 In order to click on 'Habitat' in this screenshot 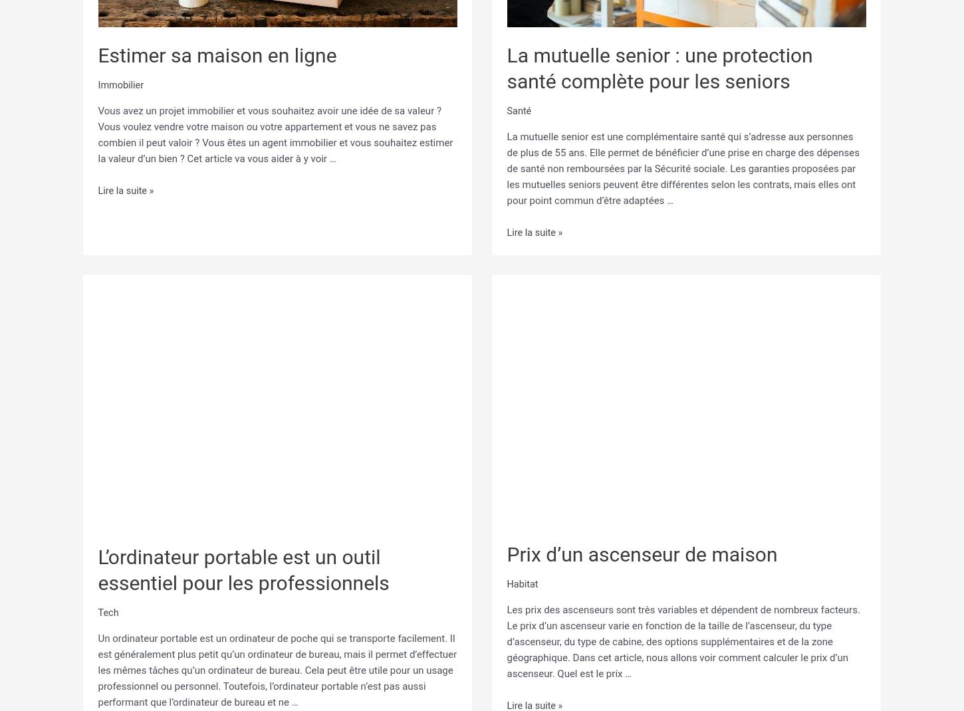, I will do `click(523, 583)`.